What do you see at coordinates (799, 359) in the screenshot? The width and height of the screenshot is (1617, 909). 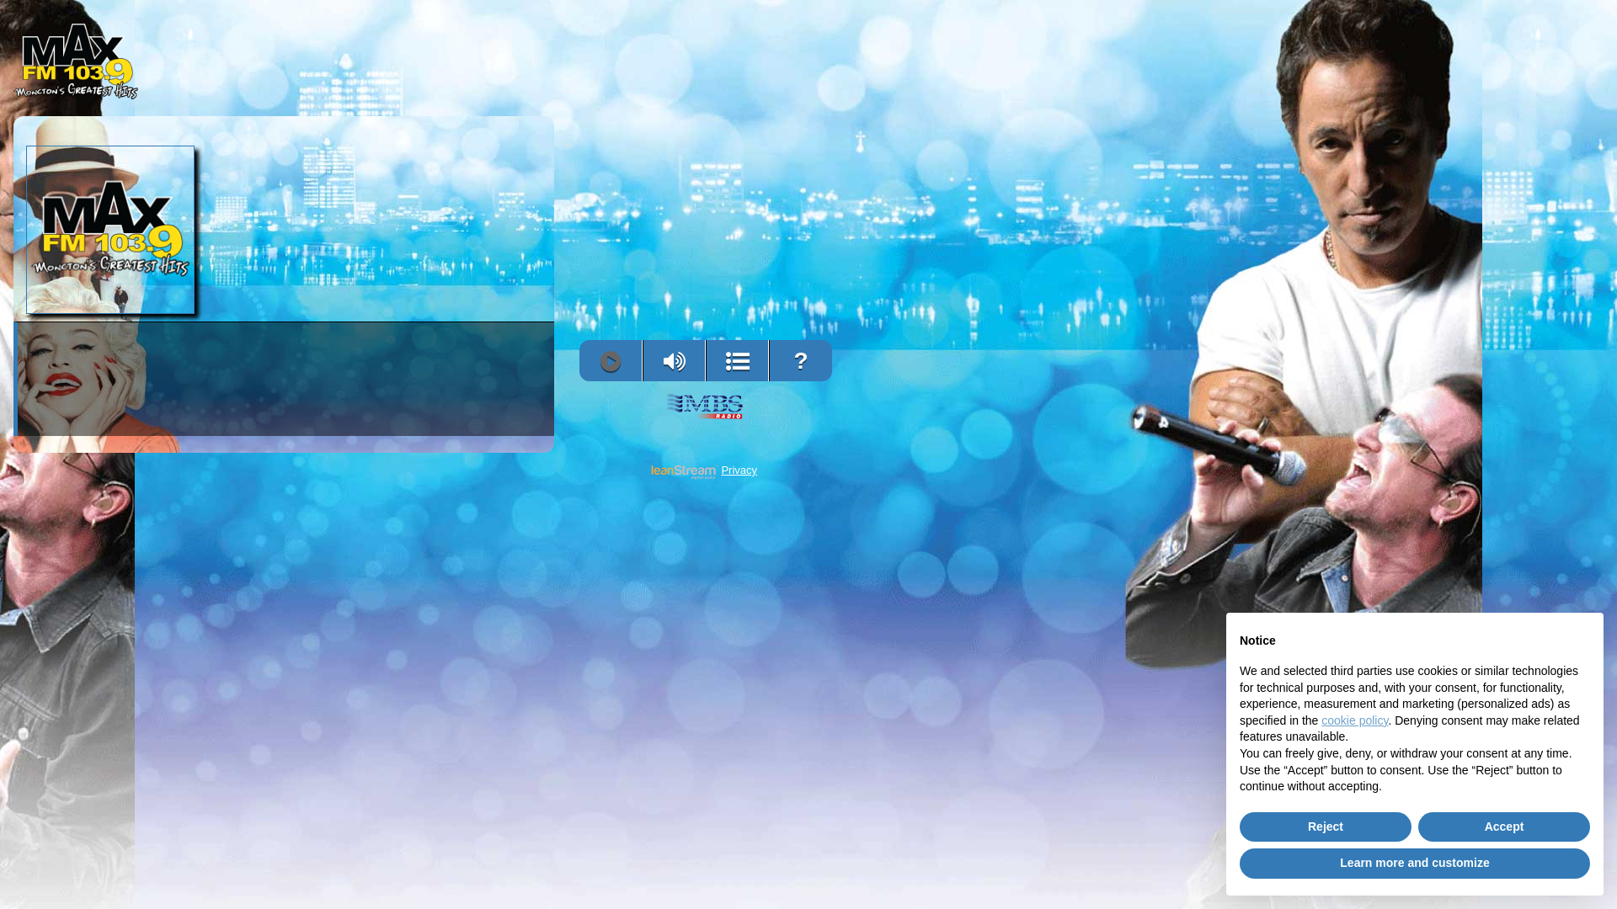 I see `'?'` at bounding box center [799, 359].